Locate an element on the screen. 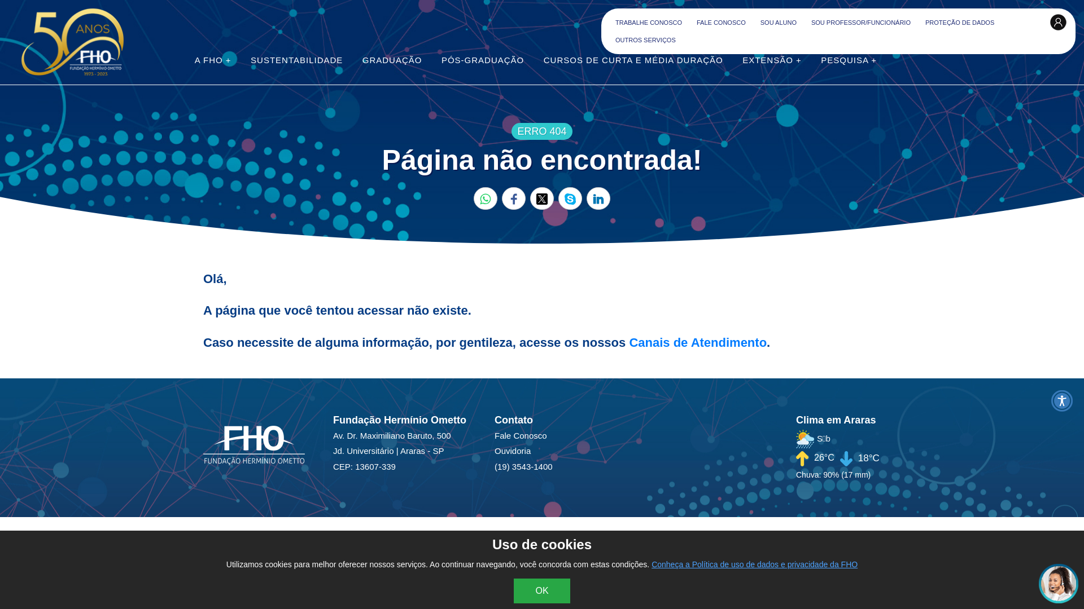 This screenshot has height=609, width=1084. 'Canais de Atendimento' is located at coordinates (697, 342).